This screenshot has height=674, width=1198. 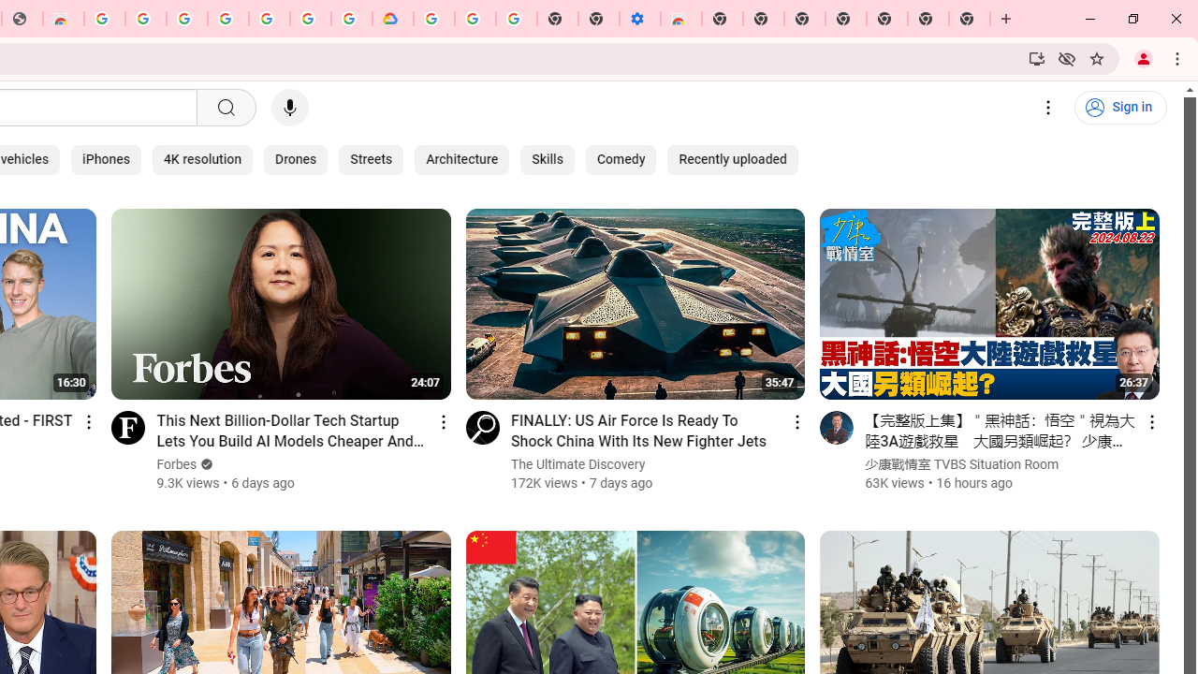 I want to click on 'Sign in - Google Accounts', so click(x=186, y=19).